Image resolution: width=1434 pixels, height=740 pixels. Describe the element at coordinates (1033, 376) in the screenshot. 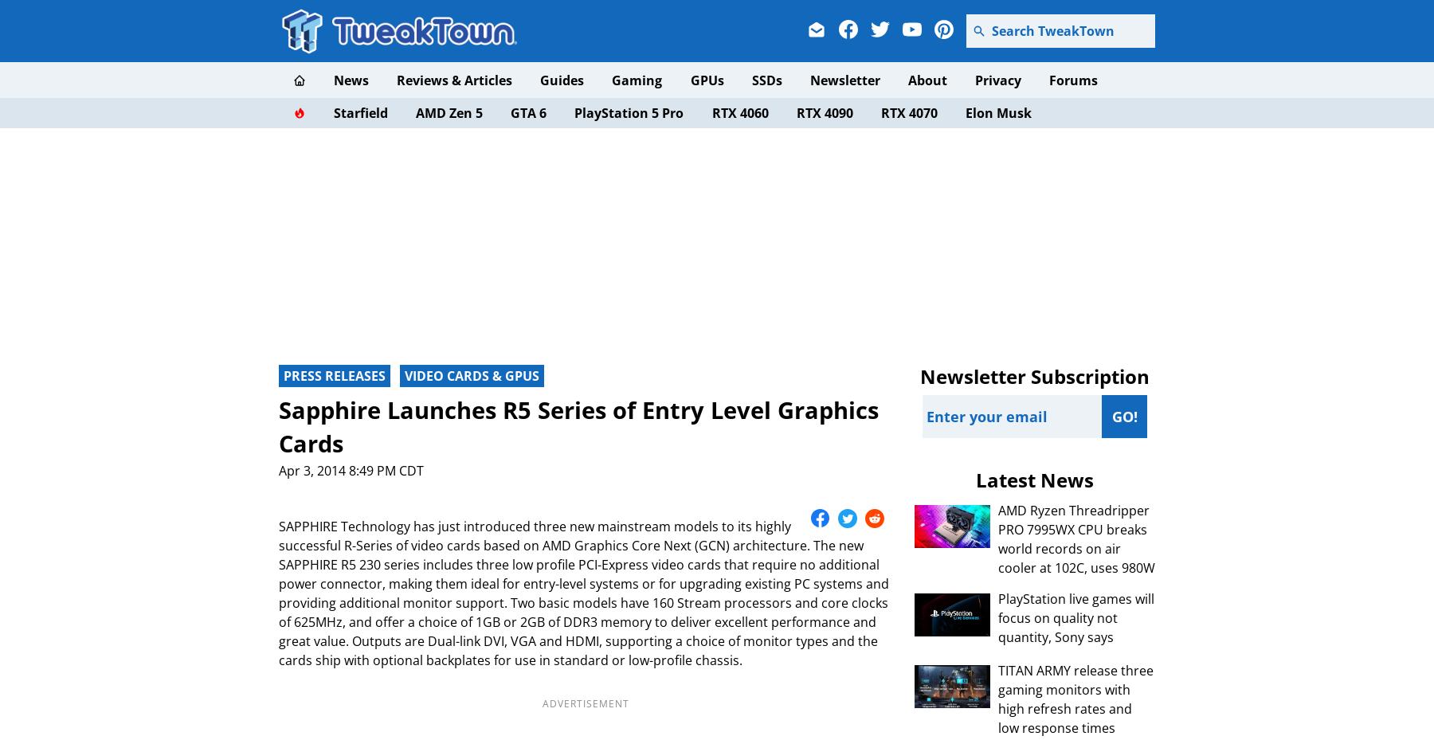

I see `'Newsletter Subscription'` at that location.